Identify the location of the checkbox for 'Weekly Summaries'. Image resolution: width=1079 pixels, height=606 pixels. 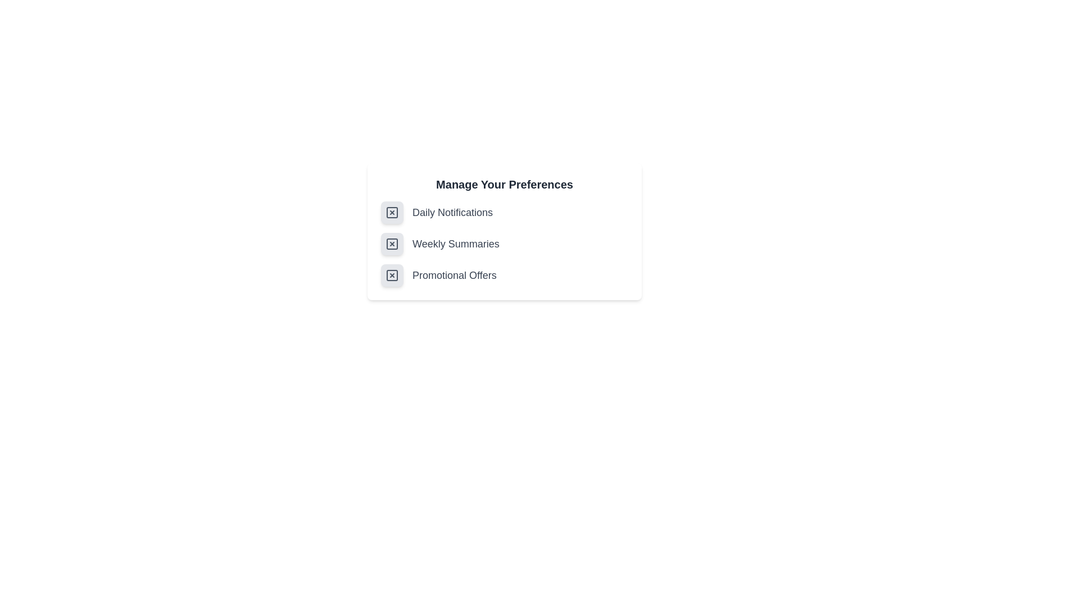
(504, 244).